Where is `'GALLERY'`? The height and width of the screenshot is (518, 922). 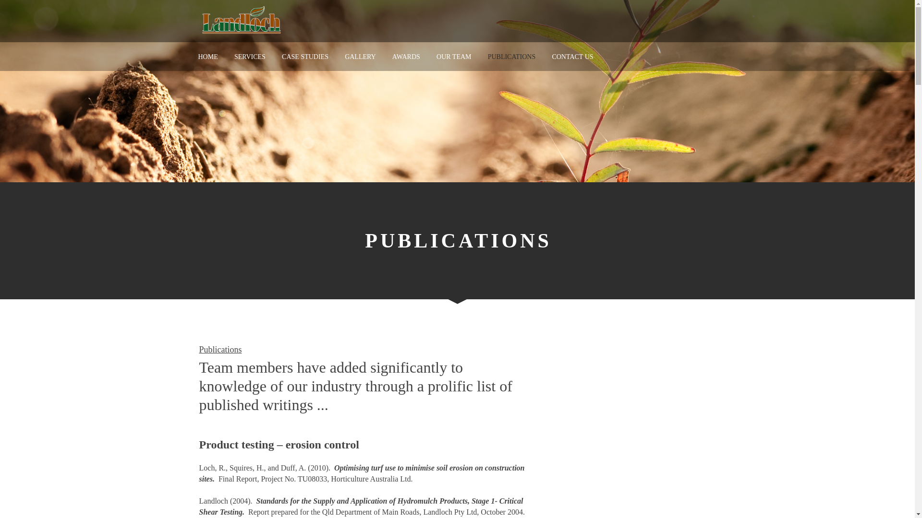
'GALLERY' is located at coordinates (360, 57).